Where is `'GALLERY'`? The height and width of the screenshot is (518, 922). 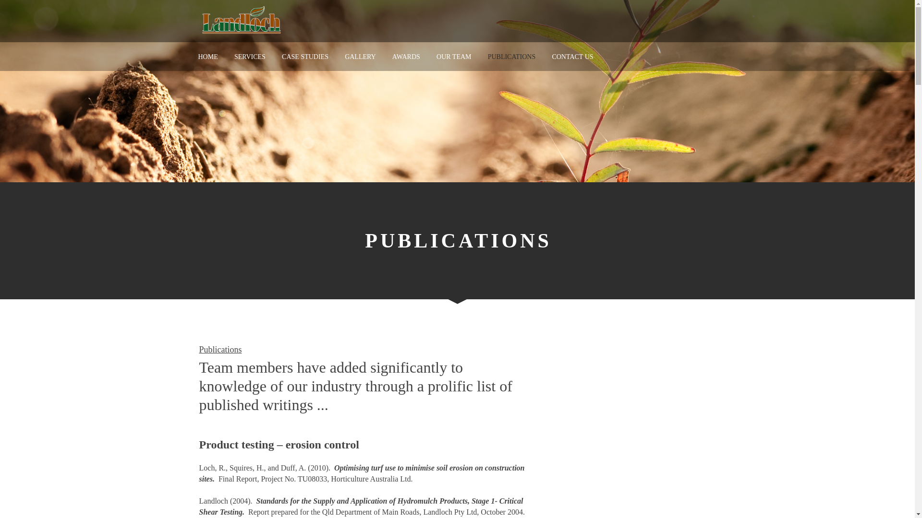
'GALLERY' is located at coordinates (360, 57).